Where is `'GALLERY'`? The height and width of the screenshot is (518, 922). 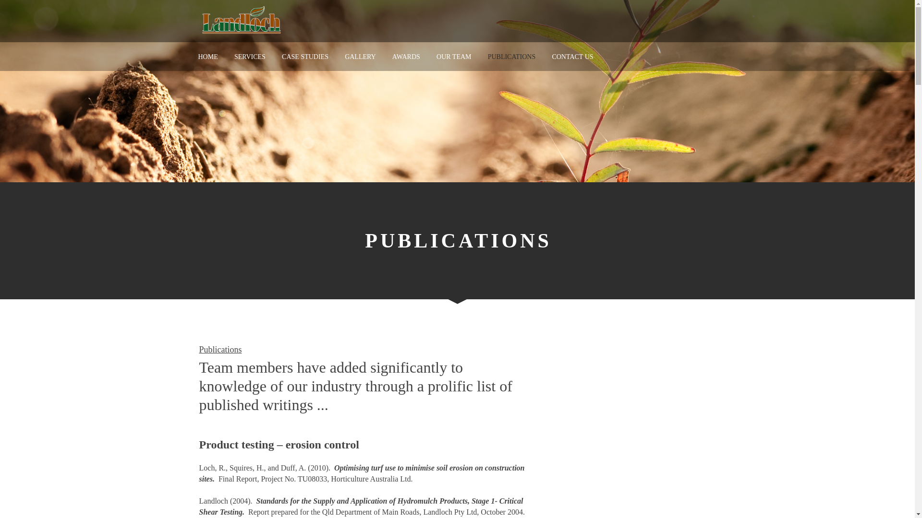
'GALLERY' is located at coordinates (360, 57).